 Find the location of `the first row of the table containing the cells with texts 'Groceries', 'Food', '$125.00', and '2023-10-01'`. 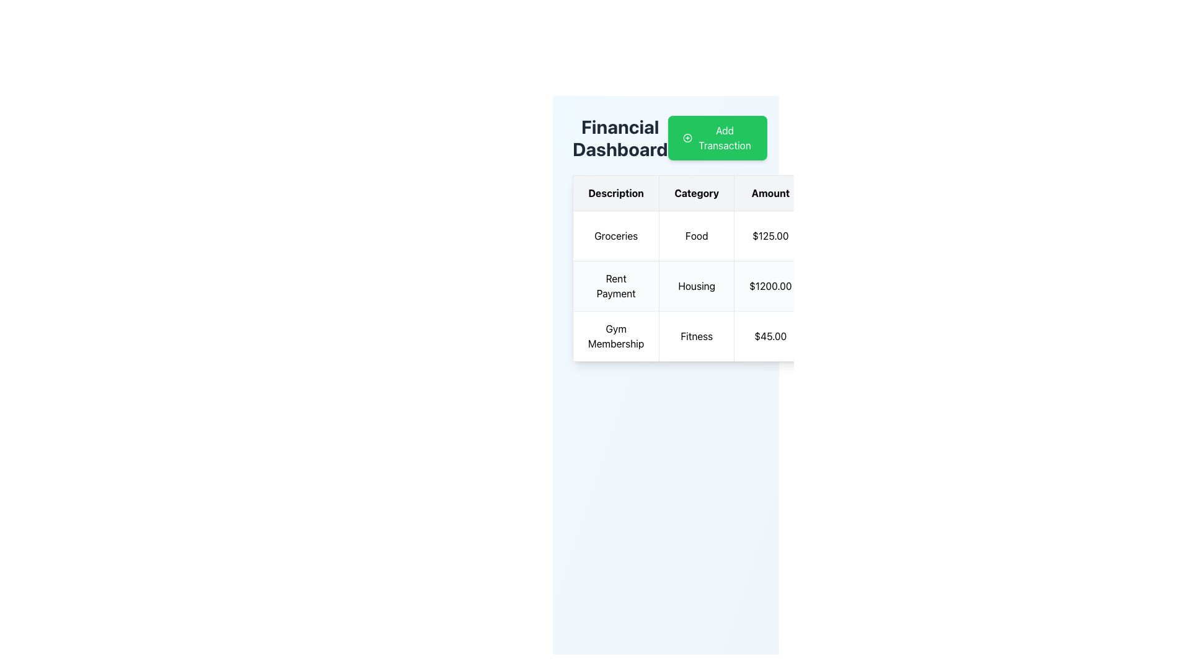

the first row of the table containing the cells with texts 'Groceries', 'Food', '$125.00', and '2023-10-01' is located at coordinates (758, 236).